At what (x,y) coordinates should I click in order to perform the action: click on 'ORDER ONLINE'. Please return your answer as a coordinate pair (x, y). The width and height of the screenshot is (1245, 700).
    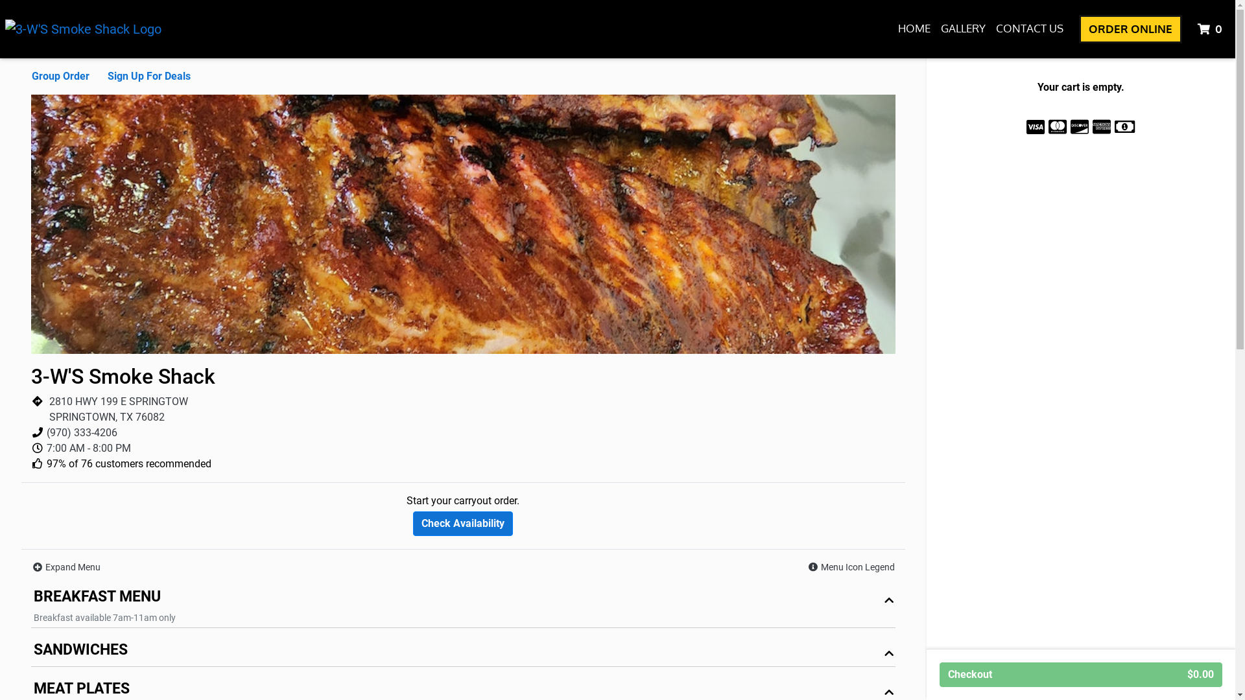
    Looking at the image, I should click on (1130, 29).